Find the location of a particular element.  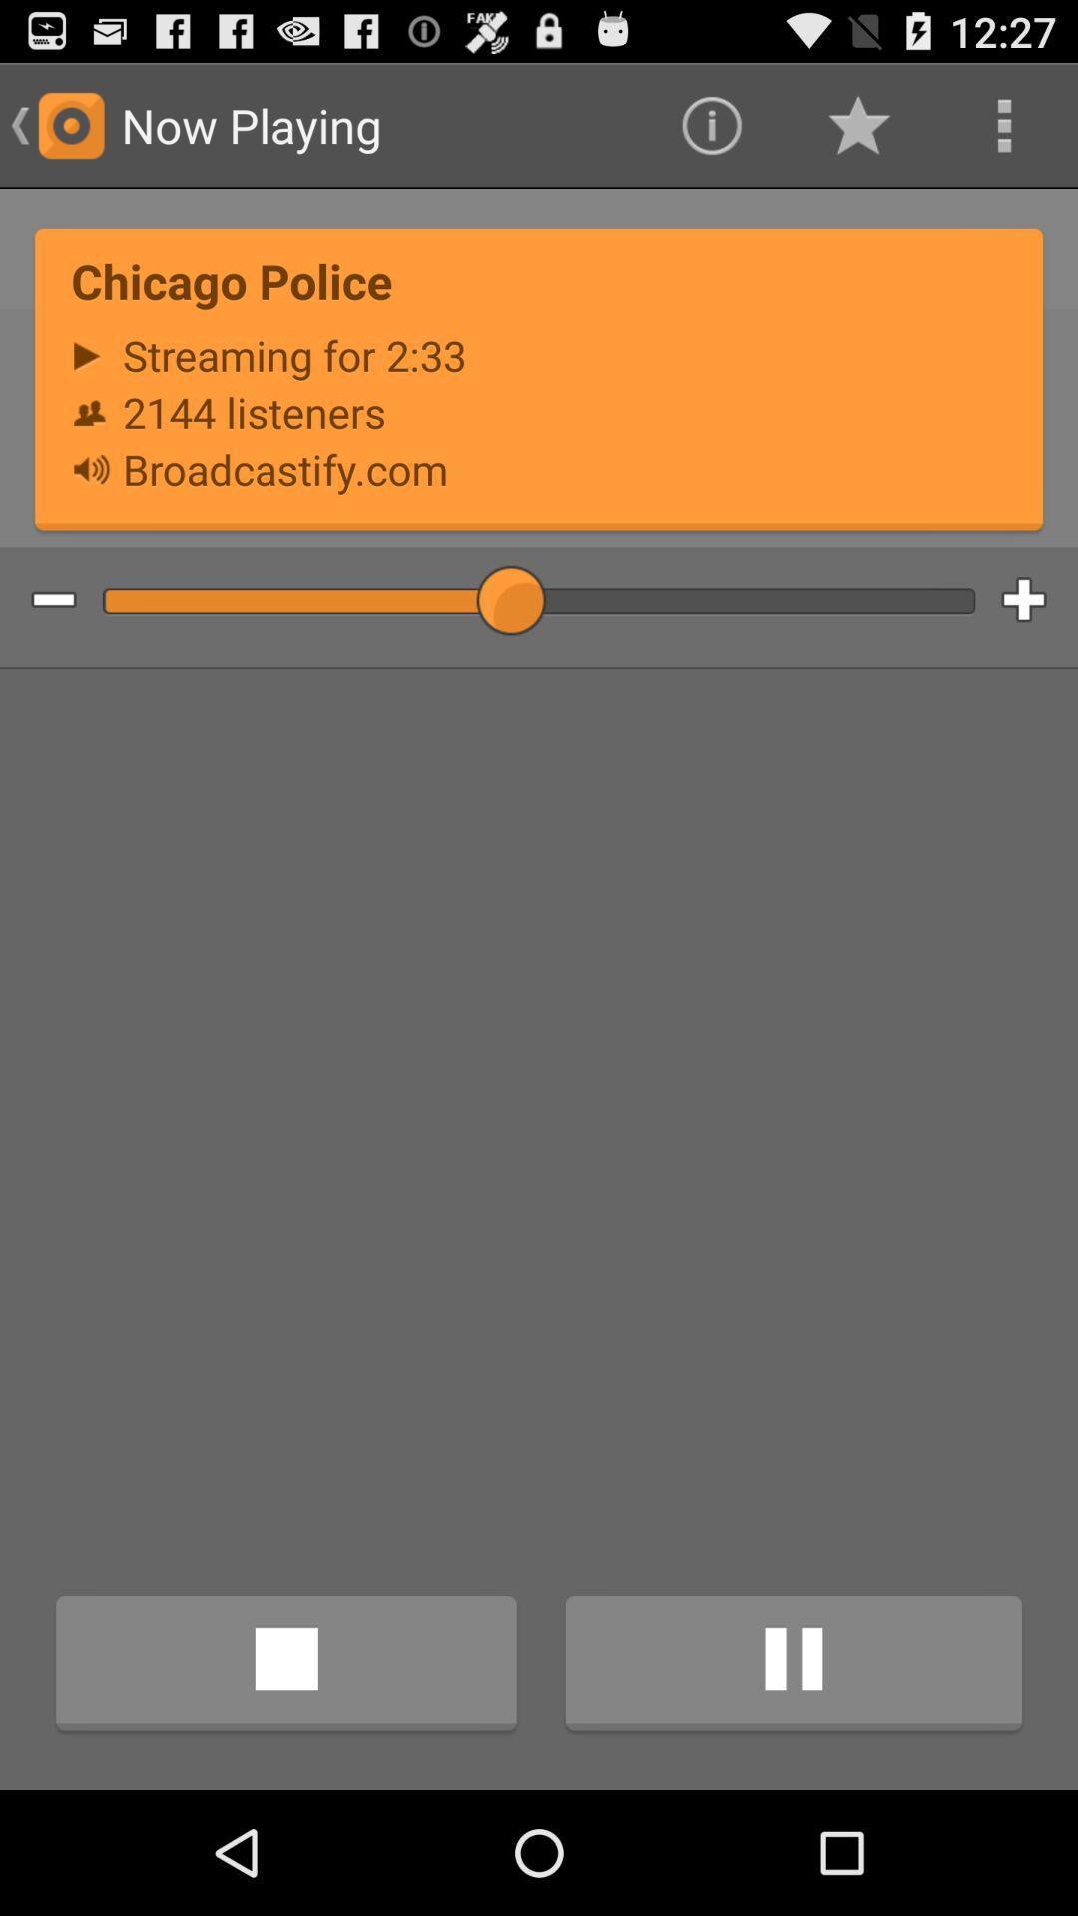

icon to the right of the now playing item is located at coordinates (710, 124).